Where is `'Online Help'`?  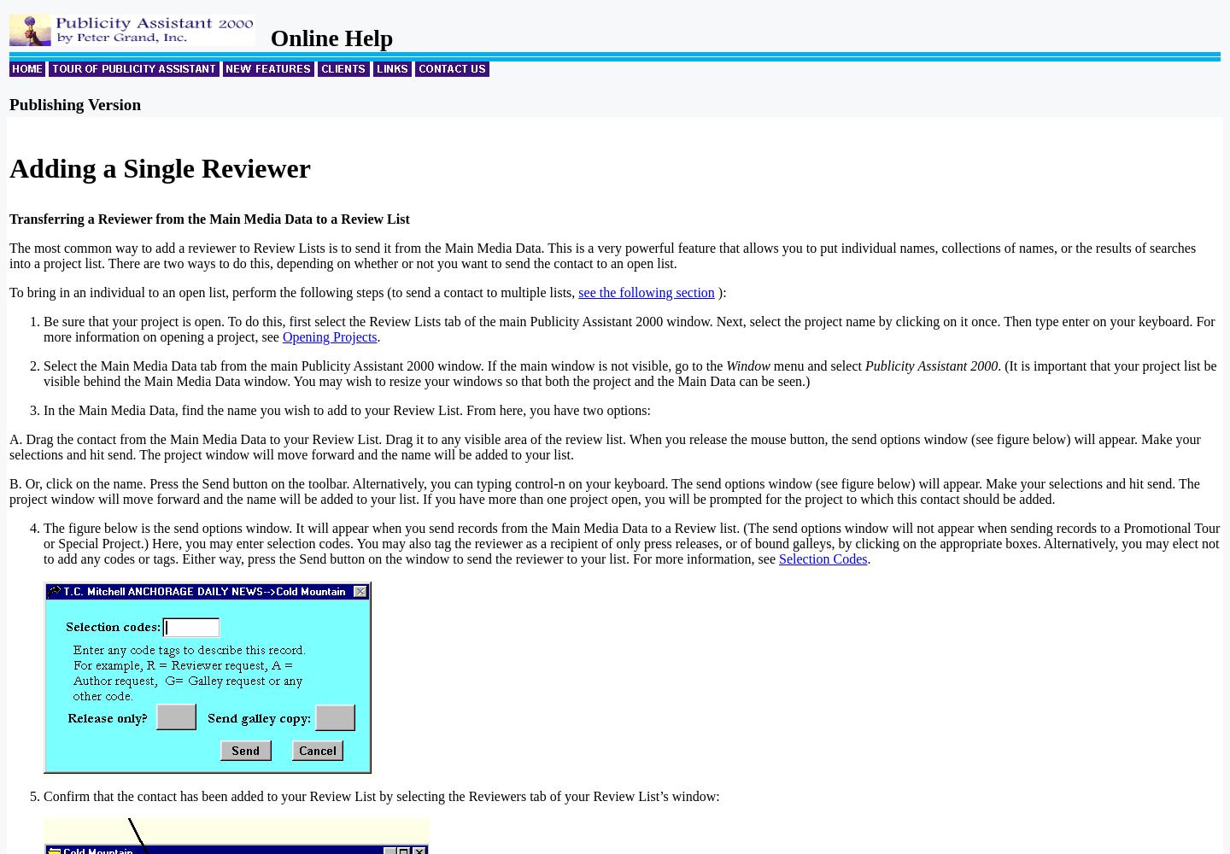
'Online Help' is located at coordinates (325, 38).